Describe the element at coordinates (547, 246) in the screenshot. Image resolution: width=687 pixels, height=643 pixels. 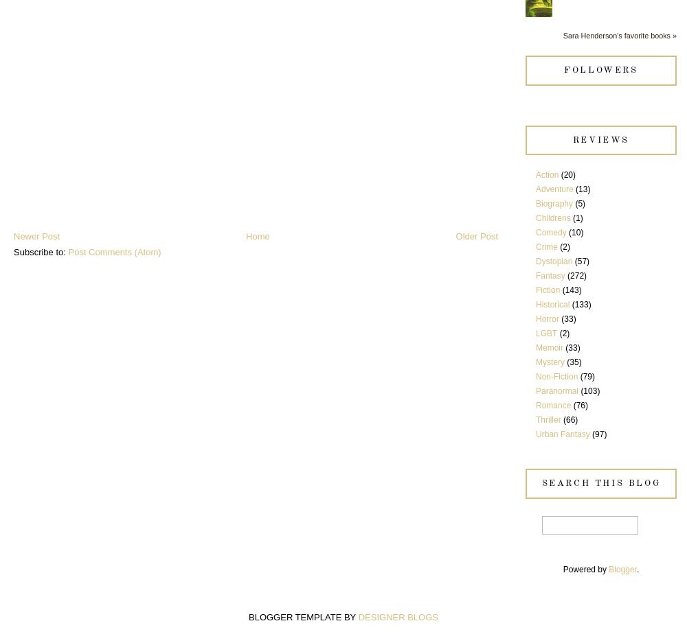
I see `'Crime'` at that location.